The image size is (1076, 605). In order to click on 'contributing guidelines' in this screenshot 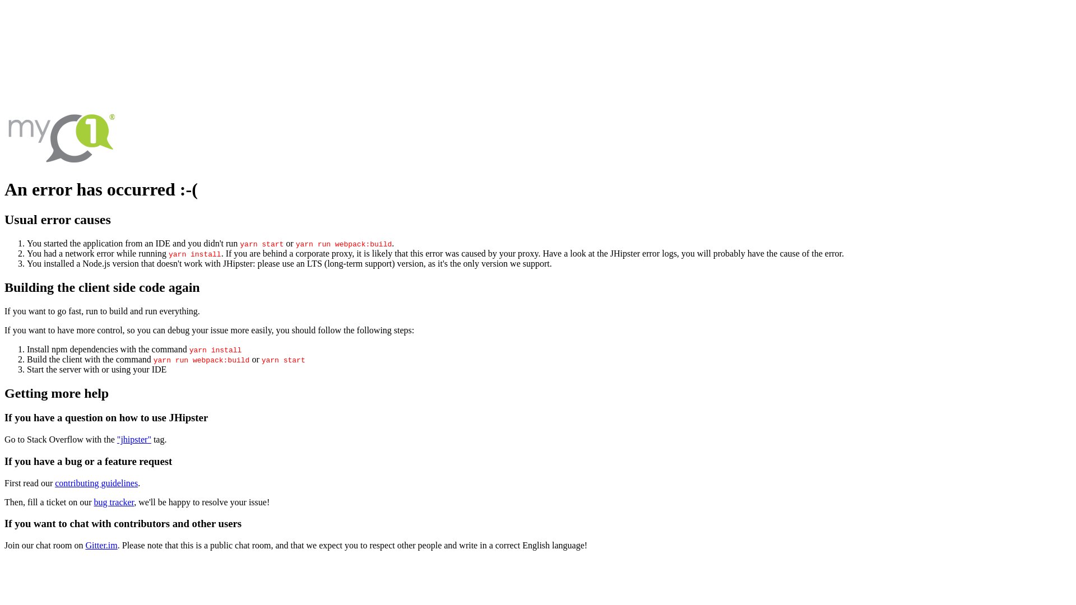, I will do `click(96, 482)`.